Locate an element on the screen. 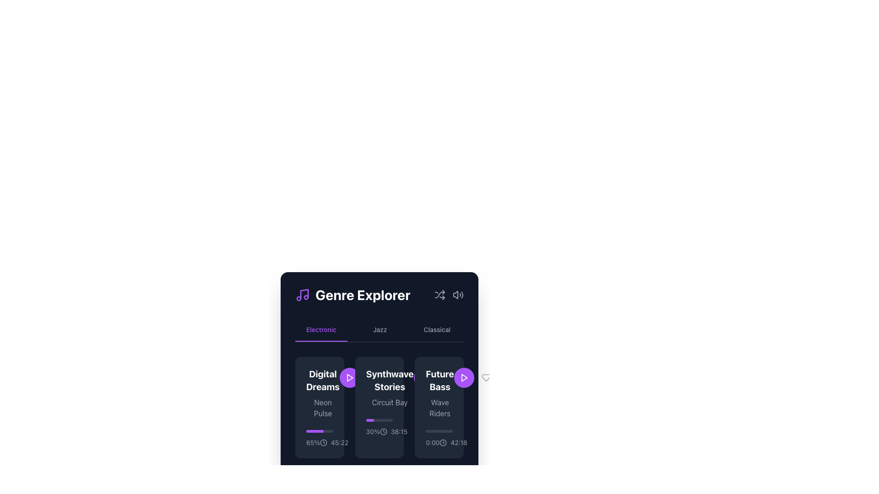 This screenshot has height=494, width=879. the purple musical note icon located to the left of the 'Genre Explorer' title in the header section of the interface is located at coordinates (303, 295).